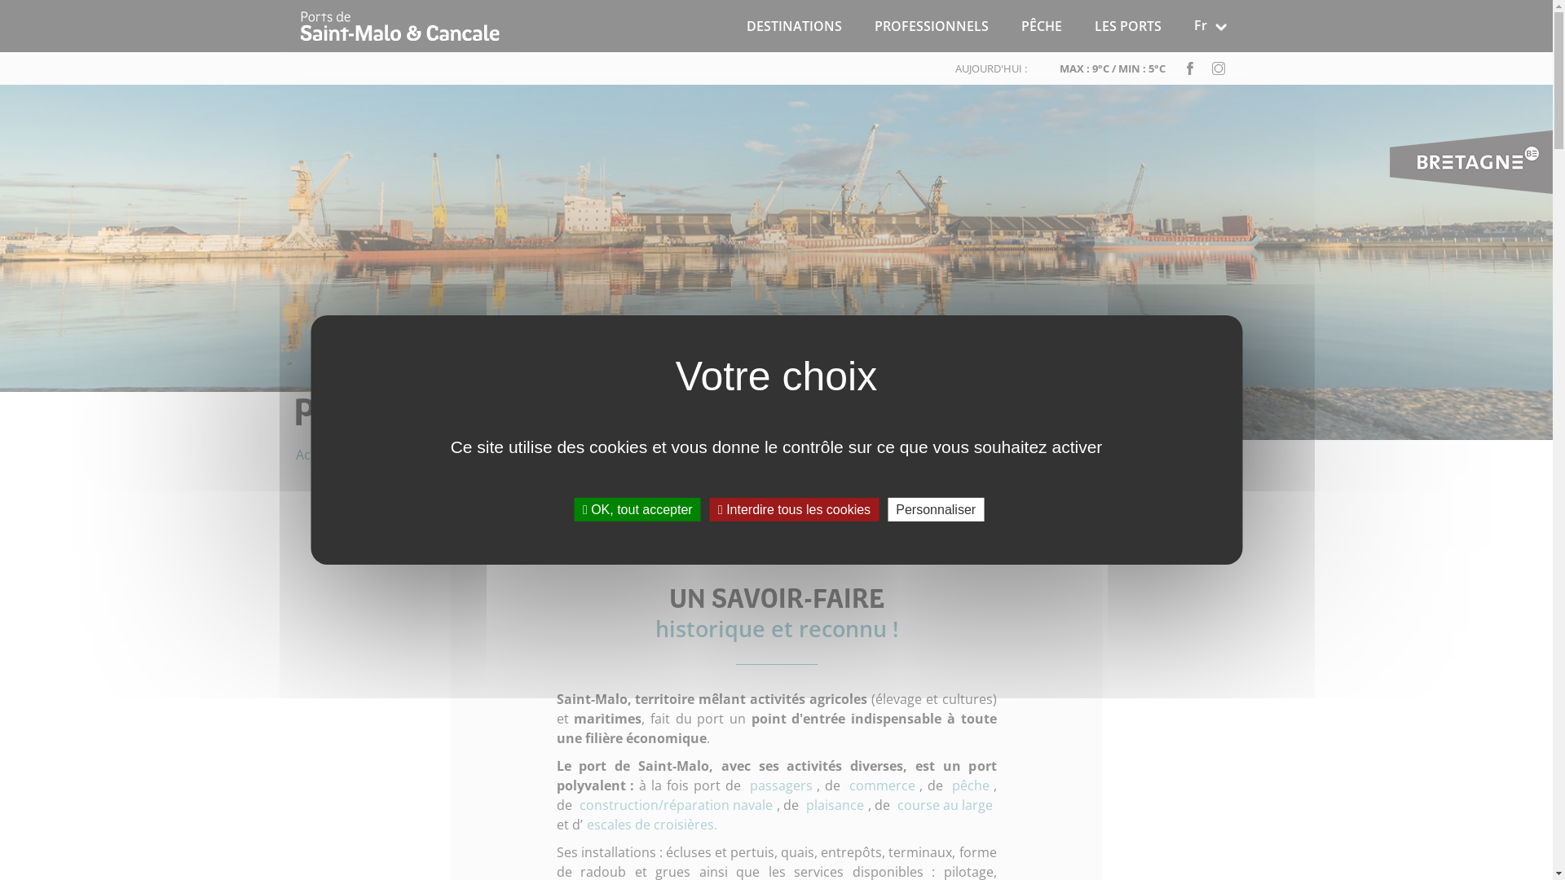 The width and height of the screenshot is (1565, 880). I want to click on 'Accueil', so click(316, 450).